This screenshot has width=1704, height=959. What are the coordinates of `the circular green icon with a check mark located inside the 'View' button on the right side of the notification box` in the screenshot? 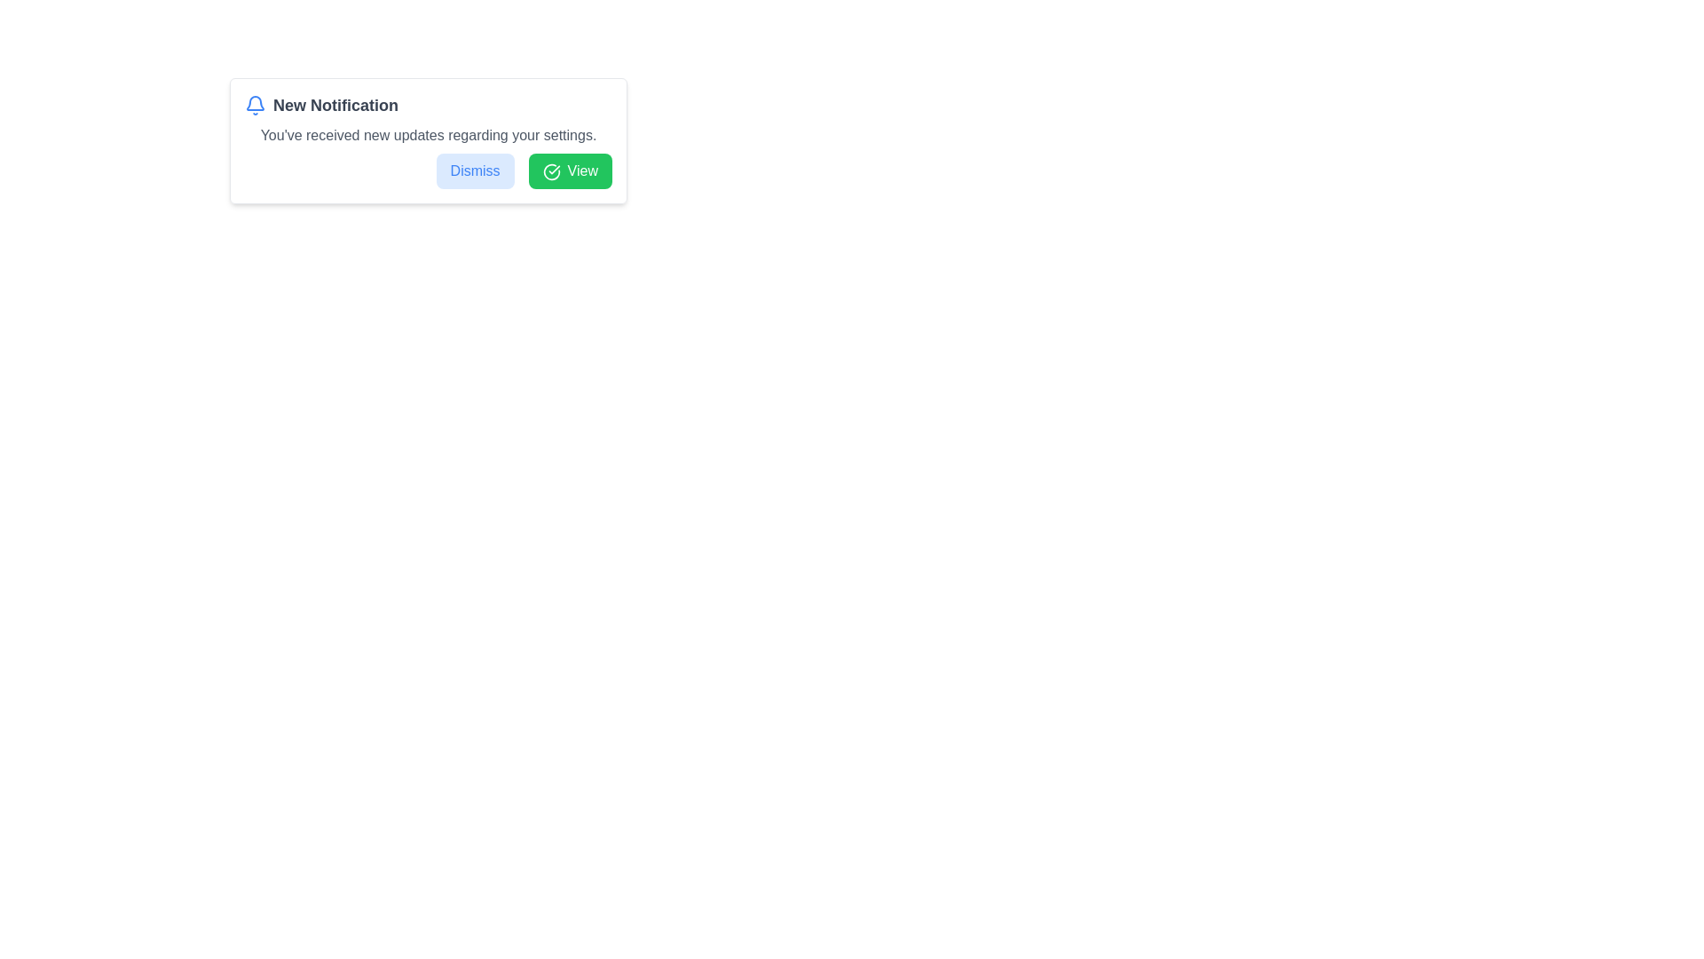 It's located at (550, 171).